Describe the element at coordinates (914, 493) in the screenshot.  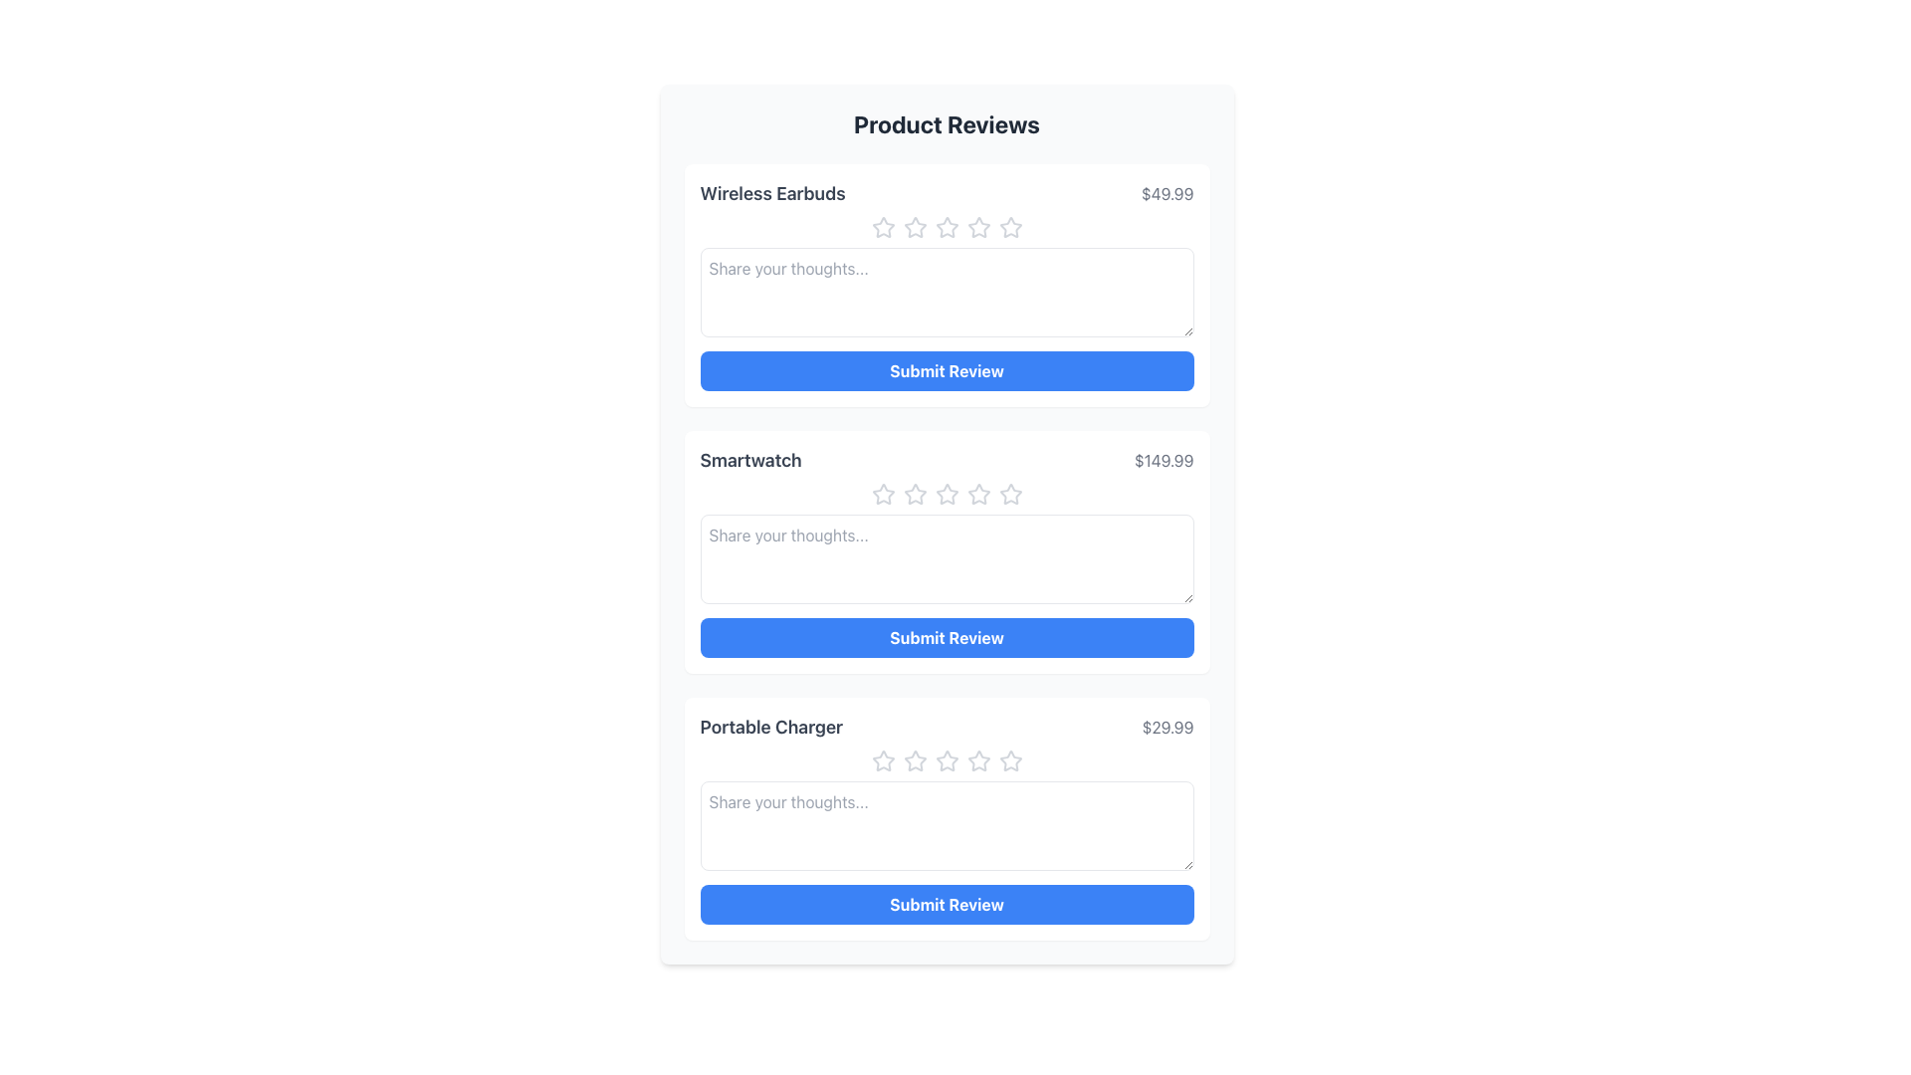
I see `the second star icon from the left in the five-star rating control for the 'Smartwatch' product` at that location.